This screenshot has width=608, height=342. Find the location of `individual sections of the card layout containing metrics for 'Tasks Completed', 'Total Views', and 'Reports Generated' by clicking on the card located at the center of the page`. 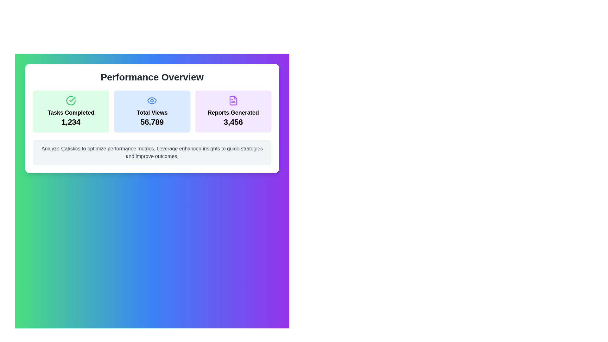

individual sections of the card layout containing metrics for 'Tasks Completed', 'Total Views', and 'Reports Generated' by clicking on the card located at the center of the page is located at coordinates (152, 118).